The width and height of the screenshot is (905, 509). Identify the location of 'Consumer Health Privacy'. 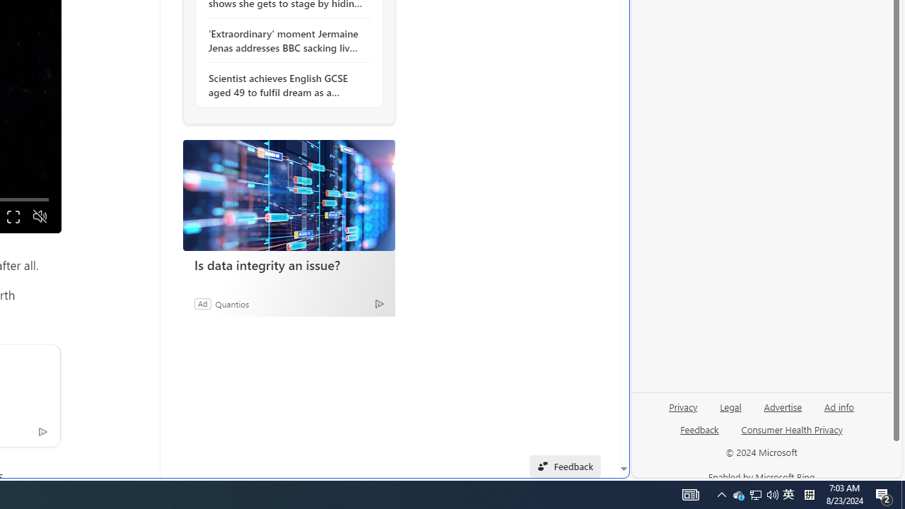
(792, 428).